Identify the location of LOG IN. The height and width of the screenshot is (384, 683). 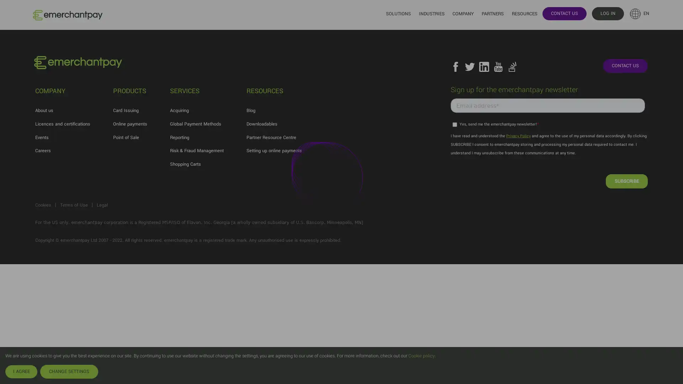
(607, 13).